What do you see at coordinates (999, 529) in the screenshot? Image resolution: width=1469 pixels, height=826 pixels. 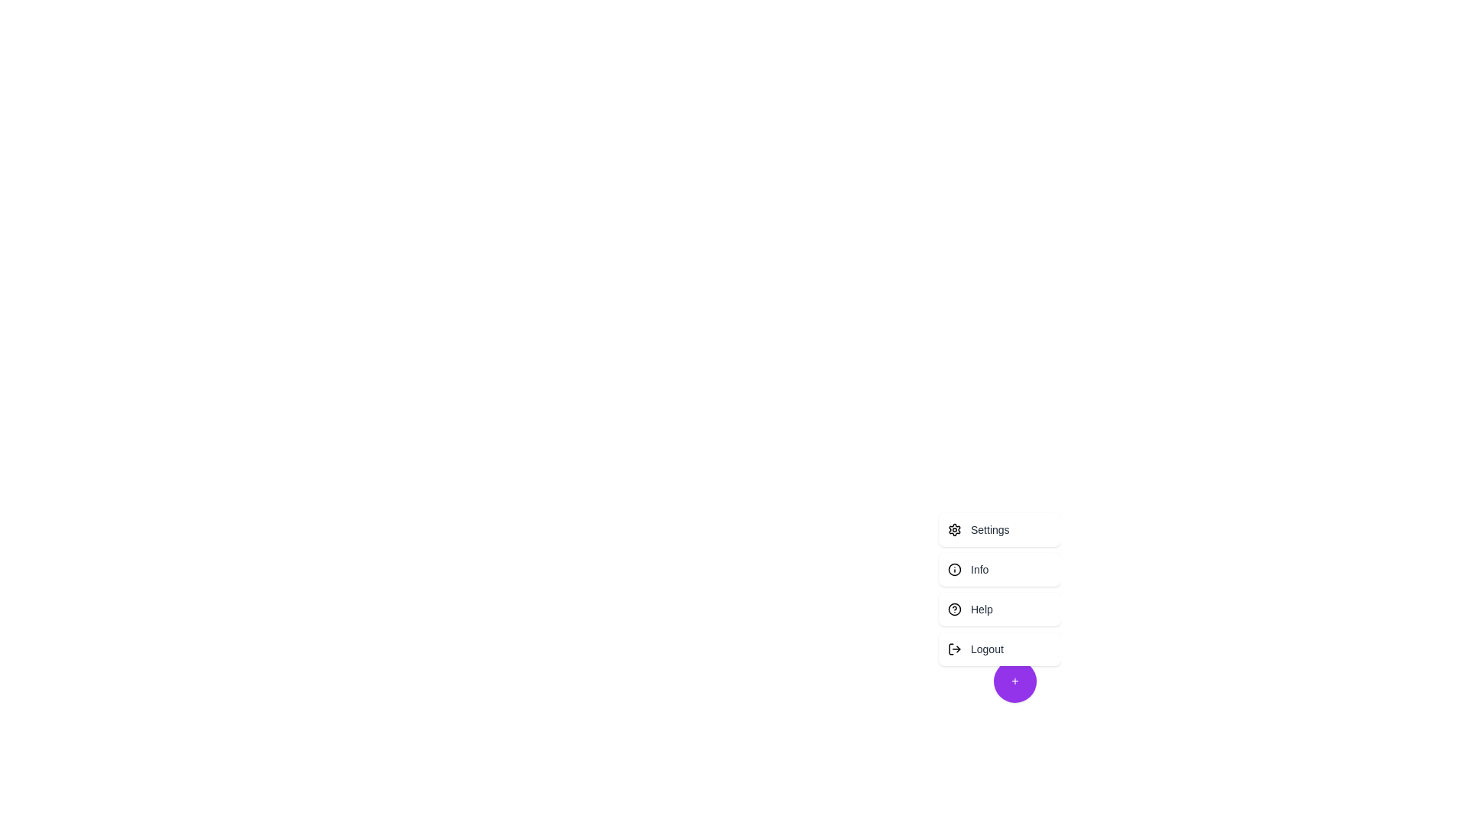 I see `the menu option Settings to highlight it` at bounding box center [999, 529].